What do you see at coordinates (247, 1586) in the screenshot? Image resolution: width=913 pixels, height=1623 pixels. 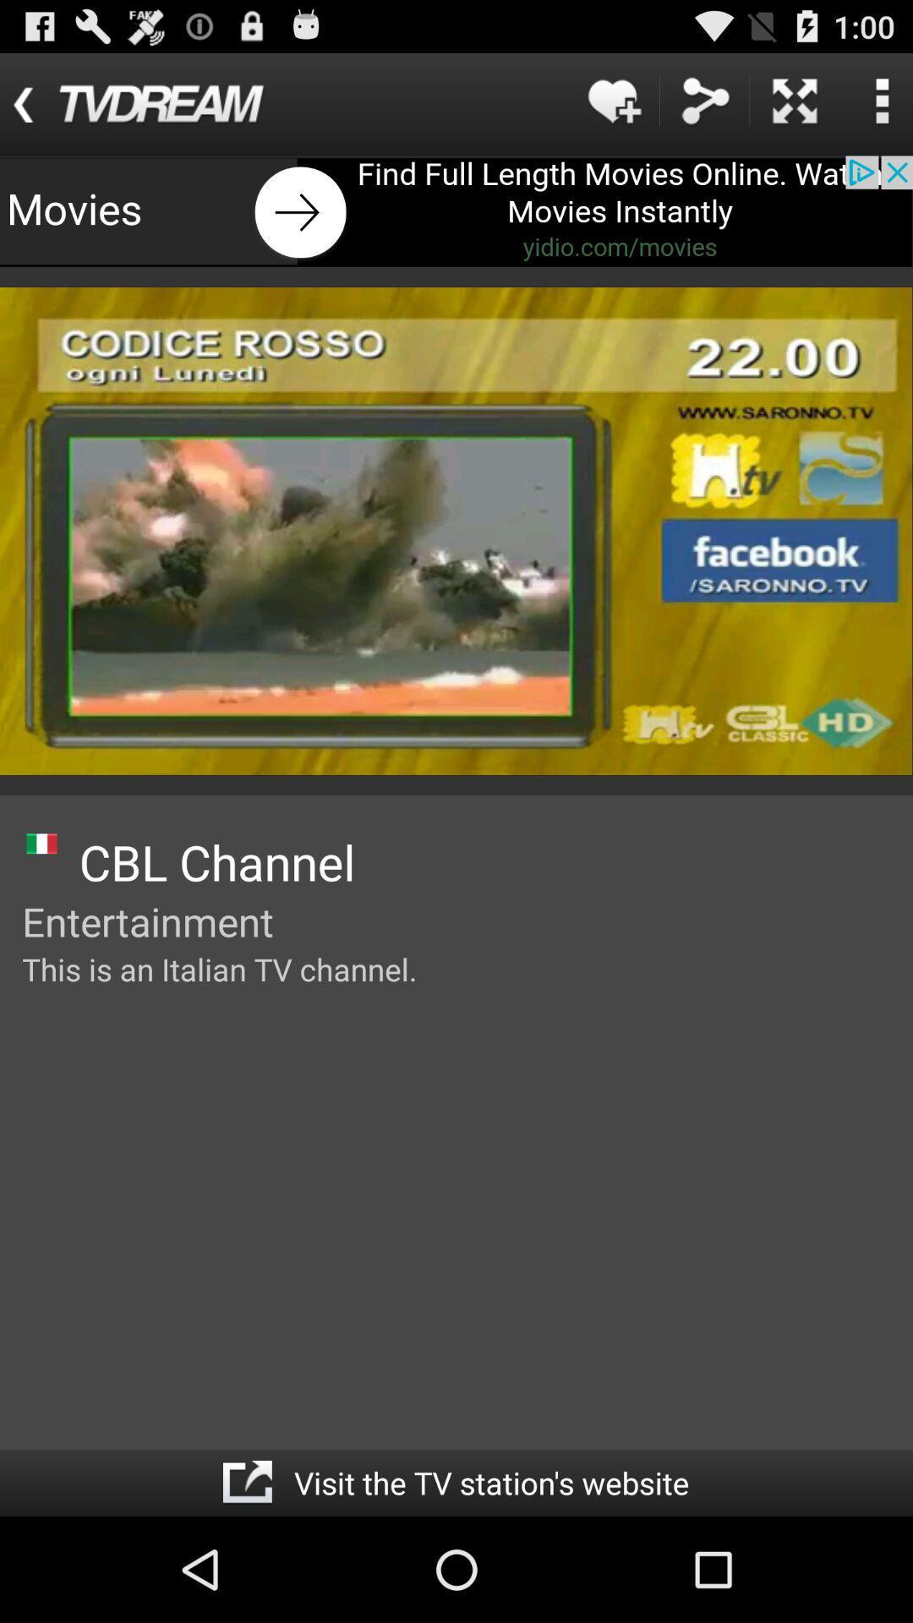 I see `the share icon` at bounding box center [247, 1586].